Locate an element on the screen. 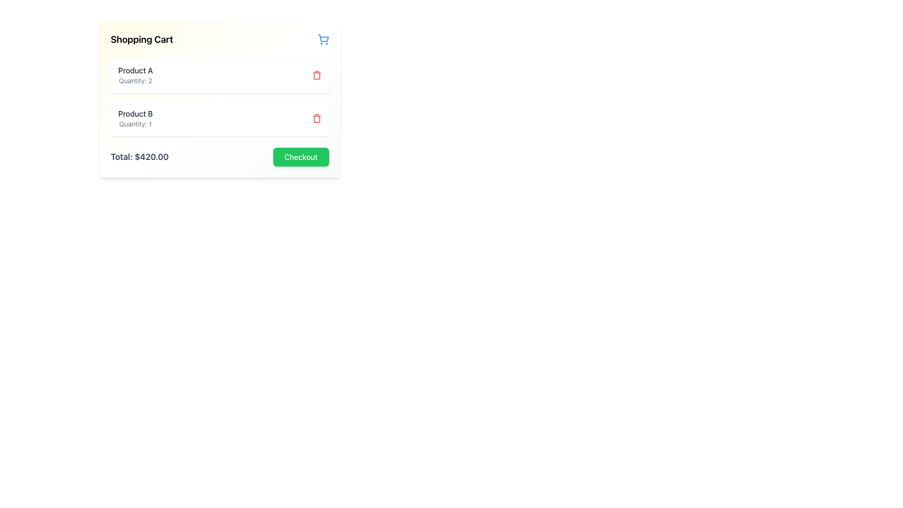 The image size is (903, 508). the main frame of the shopping cart icon located at the top-right of the 'Shopping Cart' interface, which serves as a visual indicator for the shopping cart functionality is located at coordinates (323, 38).